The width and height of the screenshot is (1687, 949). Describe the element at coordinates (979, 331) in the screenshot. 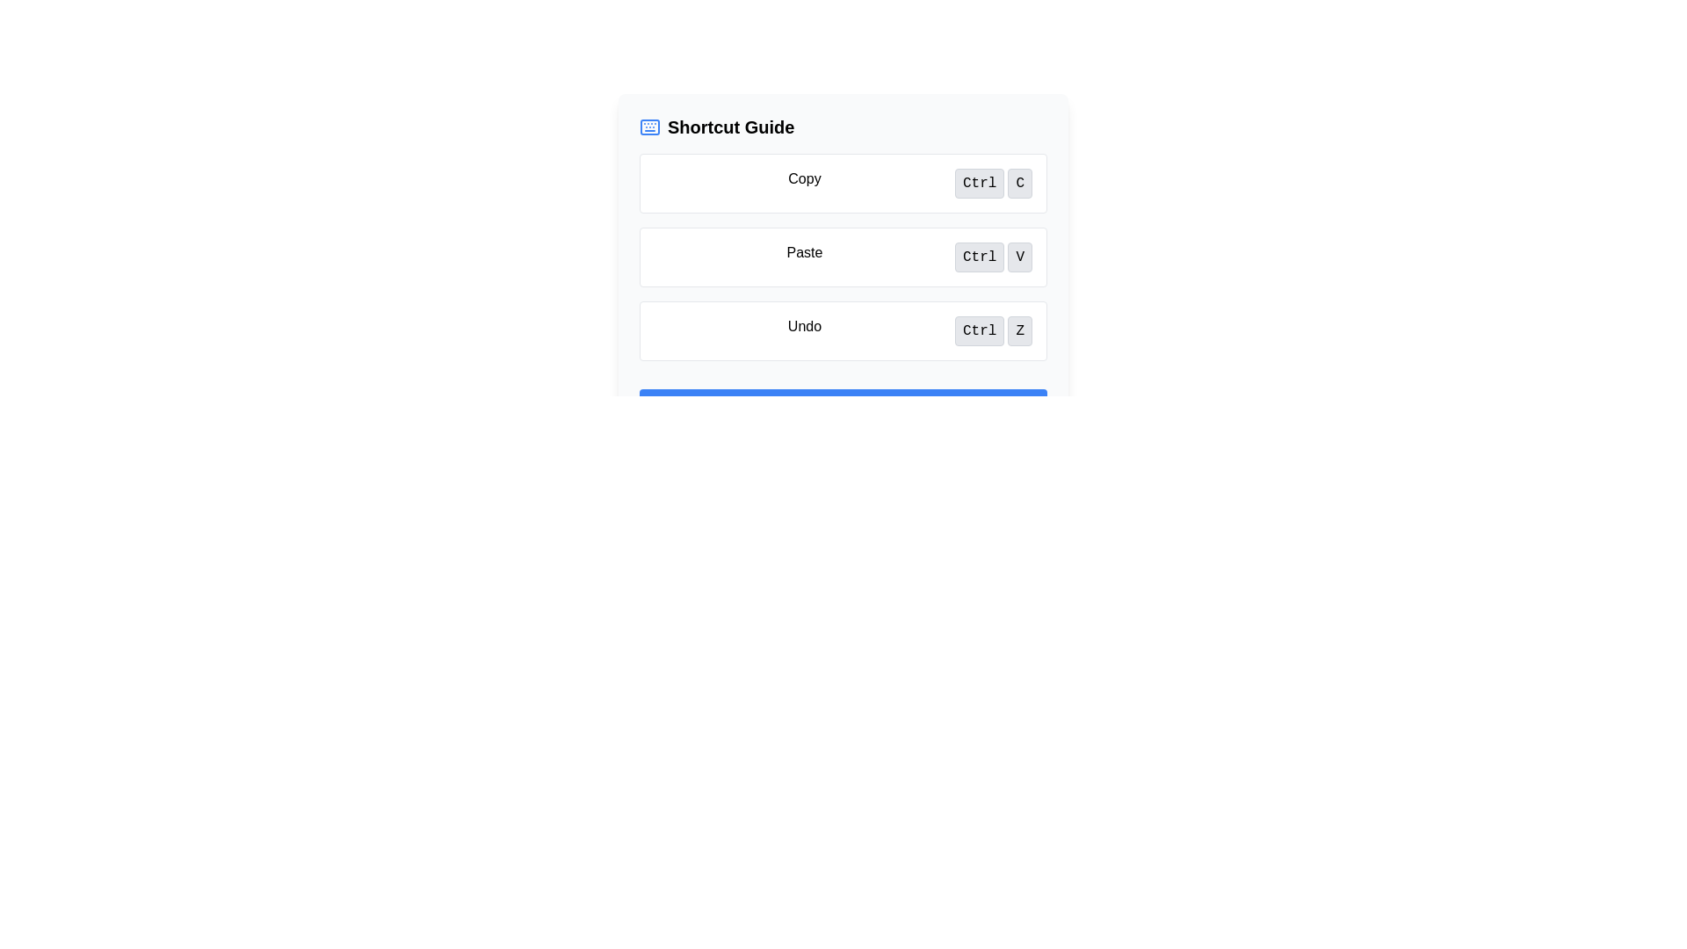

I see `the 'Ctrl' button-like label element, which has a light gray background and is associated with the 'Undo' action in the shortcut key guide` at that location.